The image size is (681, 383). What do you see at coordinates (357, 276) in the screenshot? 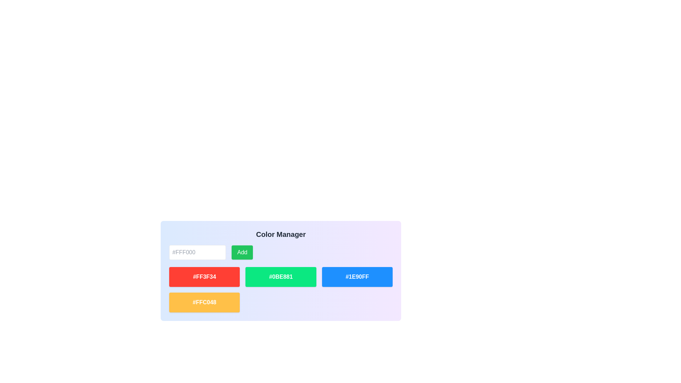
I see `the bold white text displaying the code '#1E90FF' that is centrally aligned on a blue rectangular background, located as the rightmost element in a row of similar colored containers` at bounding box center [357, 276].